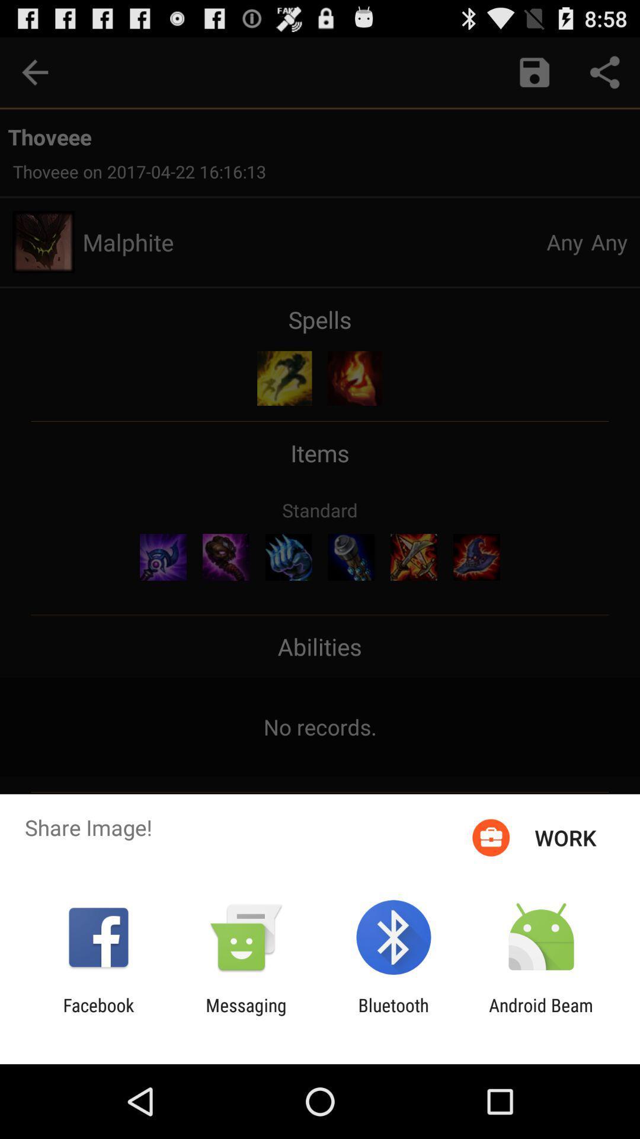 The height and width of the screenshot is (1139, 640). Describe the element at coordinates (98, 1015) in the screenshot. I see `item next to the messaging` at that location.